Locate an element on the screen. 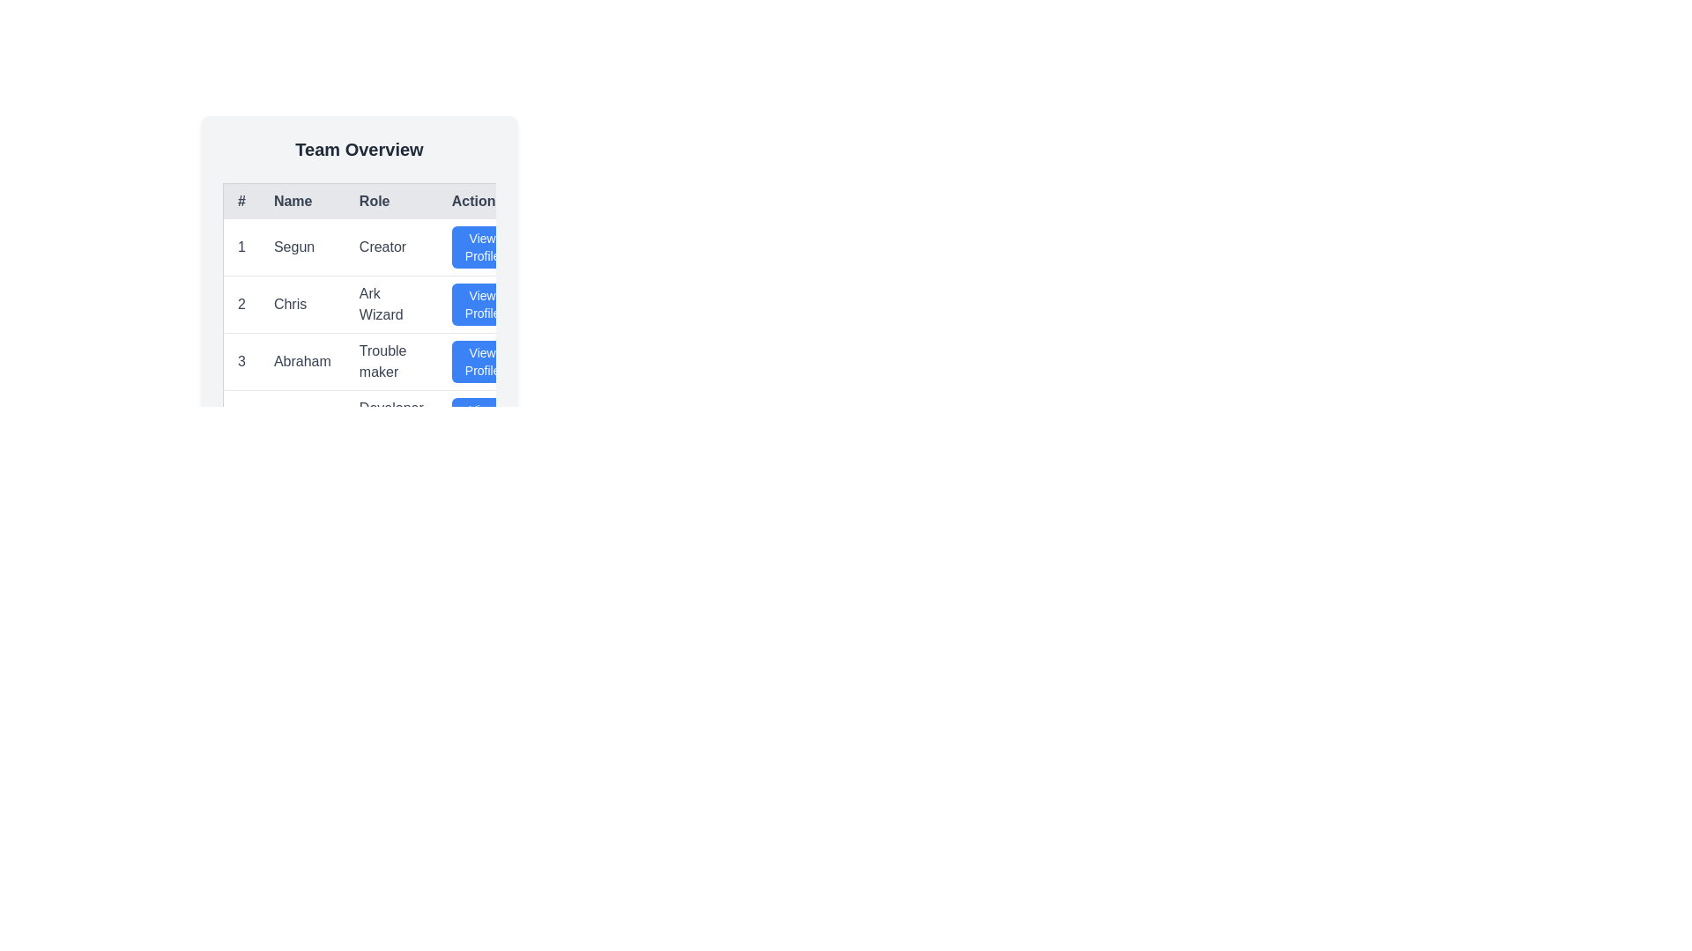 Image resolution: width=1692 pixels, height=951 pixels. the button is located at coordinates (490, 304).